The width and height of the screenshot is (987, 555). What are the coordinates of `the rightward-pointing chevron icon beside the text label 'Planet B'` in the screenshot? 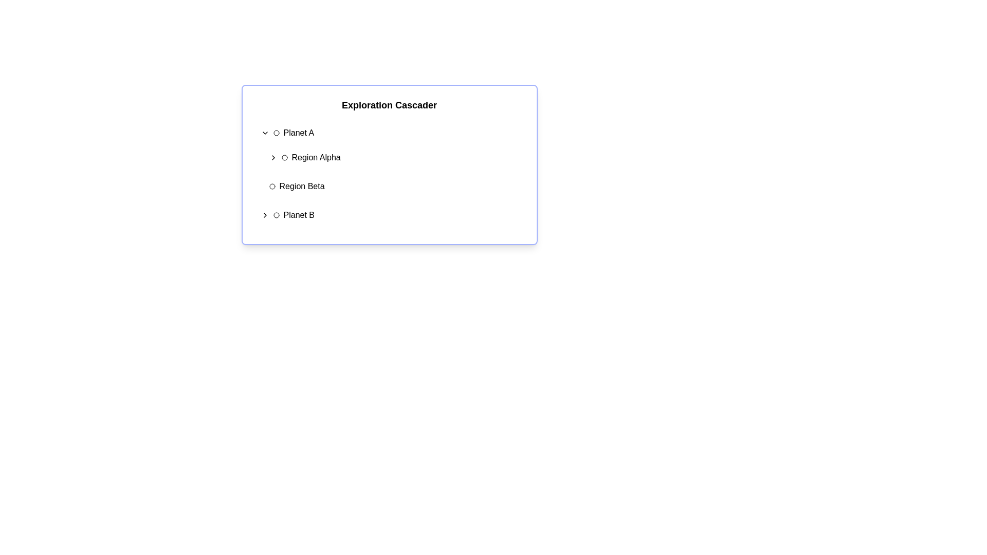 It's located at (265, 215).